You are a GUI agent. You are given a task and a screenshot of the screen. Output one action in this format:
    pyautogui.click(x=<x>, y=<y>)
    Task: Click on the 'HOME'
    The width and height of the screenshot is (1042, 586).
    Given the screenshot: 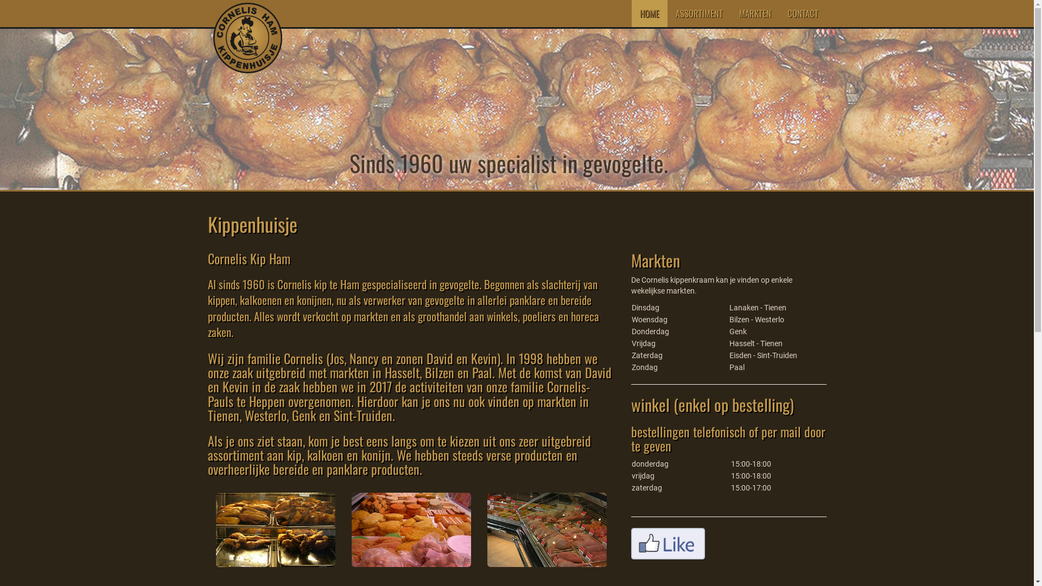 What is the action you would take?
    pyautogui.click(x=649, y=13)
    